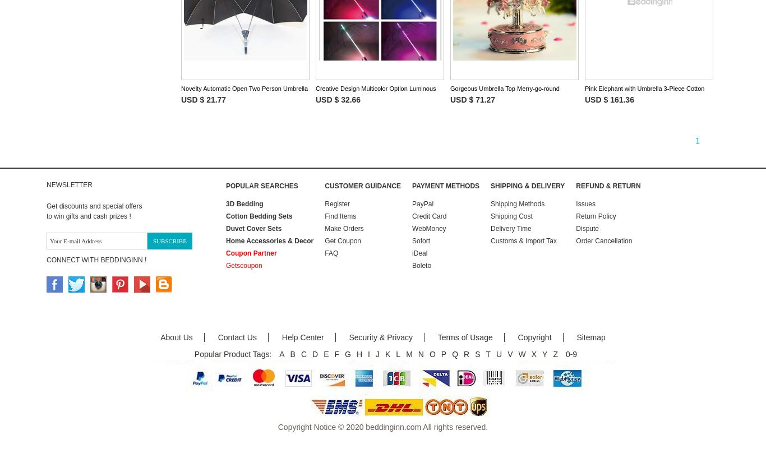 The height and width of the screenshot is (449, 766). What do you see at coordinates (644, 94) in the screenshot?
I see `'Pink Elephant with Umbrella 3-Piece Cotton Duvet Cover S\ets'` at bounding box center [644, 94].